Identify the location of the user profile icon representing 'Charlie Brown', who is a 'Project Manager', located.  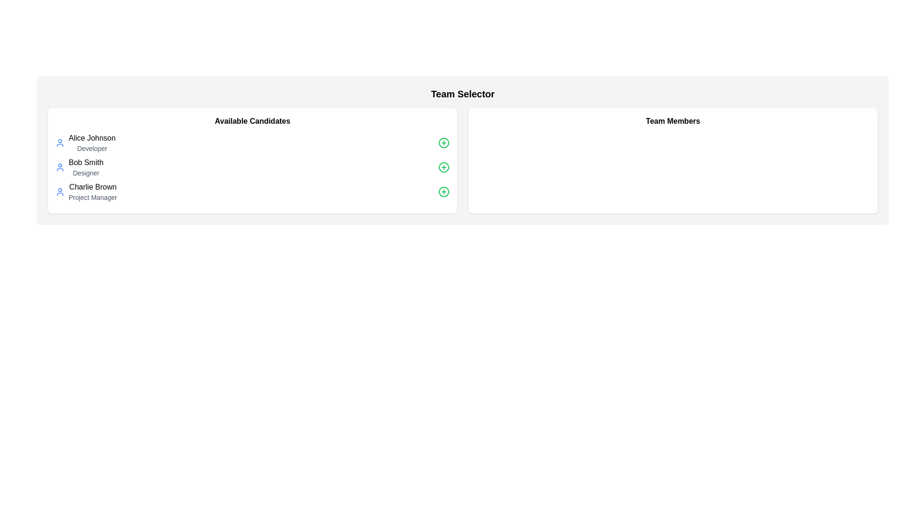
(60, 191).